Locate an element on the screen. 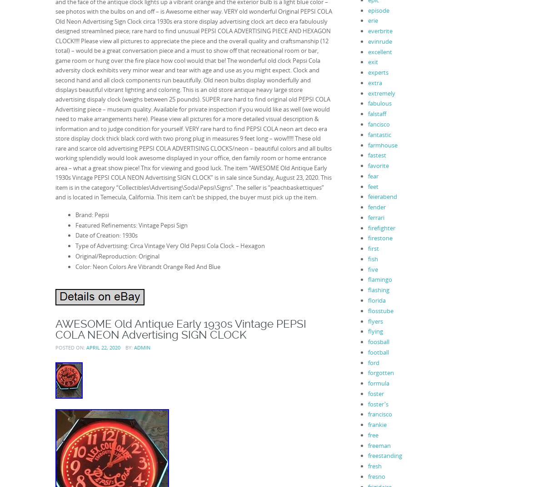 The height and width of the screenshot is (487, 538). 'Brand: Pepsi' is located at coordinates (91, 214).